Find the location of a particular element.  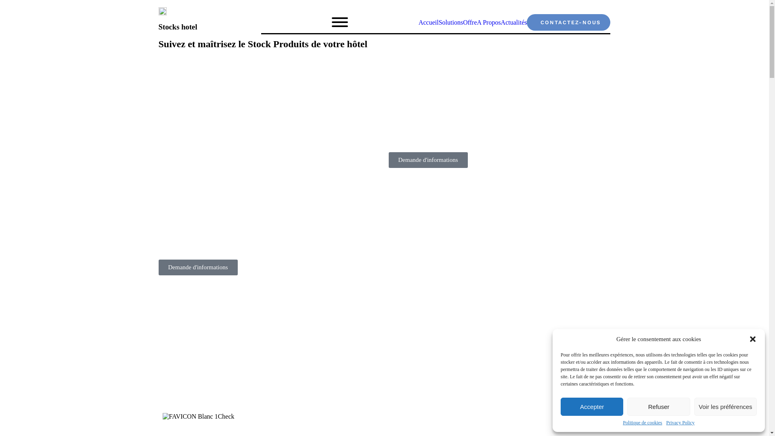

'Demande d'informations' is located at coordinates (197, 267).